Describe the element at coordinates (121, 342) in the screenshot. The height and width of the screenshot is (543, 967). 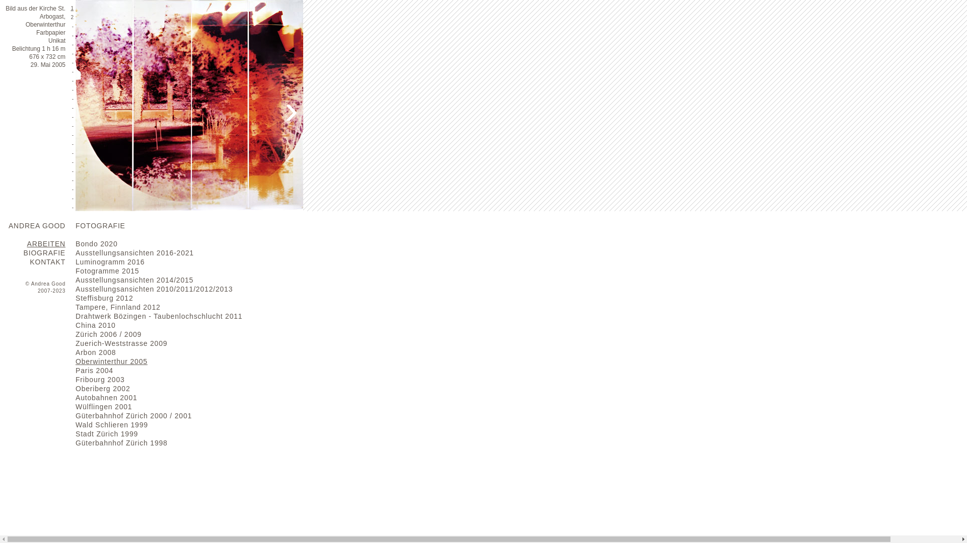
I see `'Zuerich-Weststrasse 2009'` at that location.